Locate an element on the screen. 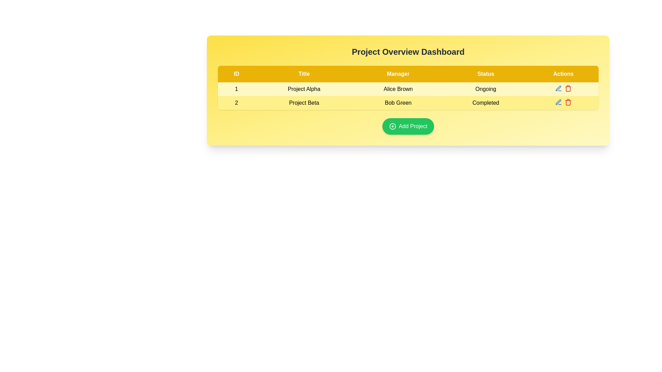 This screenshot has height=372, width=662. the edit icon in the 'Actions' column of the second row of the table, which corresponds to the project titled 'Project Beta' is located at coordinates (558, 102).